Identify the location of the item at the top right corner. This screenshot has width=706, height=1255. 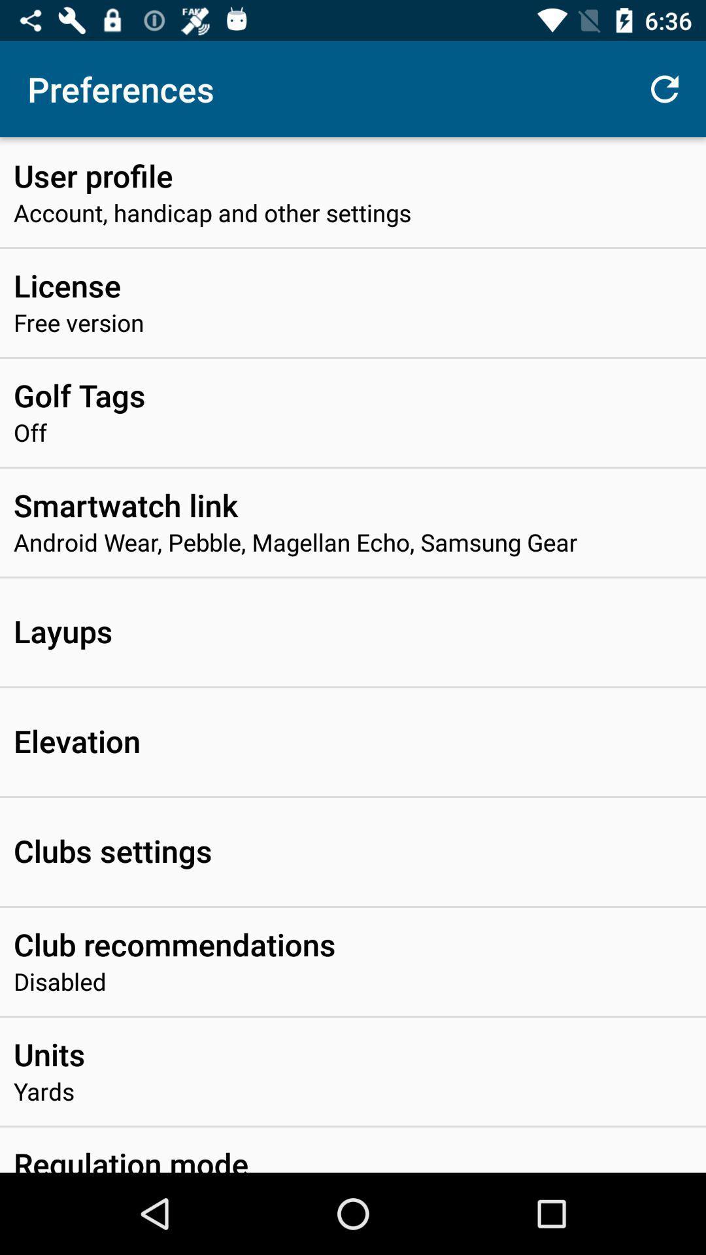
(665, 88).